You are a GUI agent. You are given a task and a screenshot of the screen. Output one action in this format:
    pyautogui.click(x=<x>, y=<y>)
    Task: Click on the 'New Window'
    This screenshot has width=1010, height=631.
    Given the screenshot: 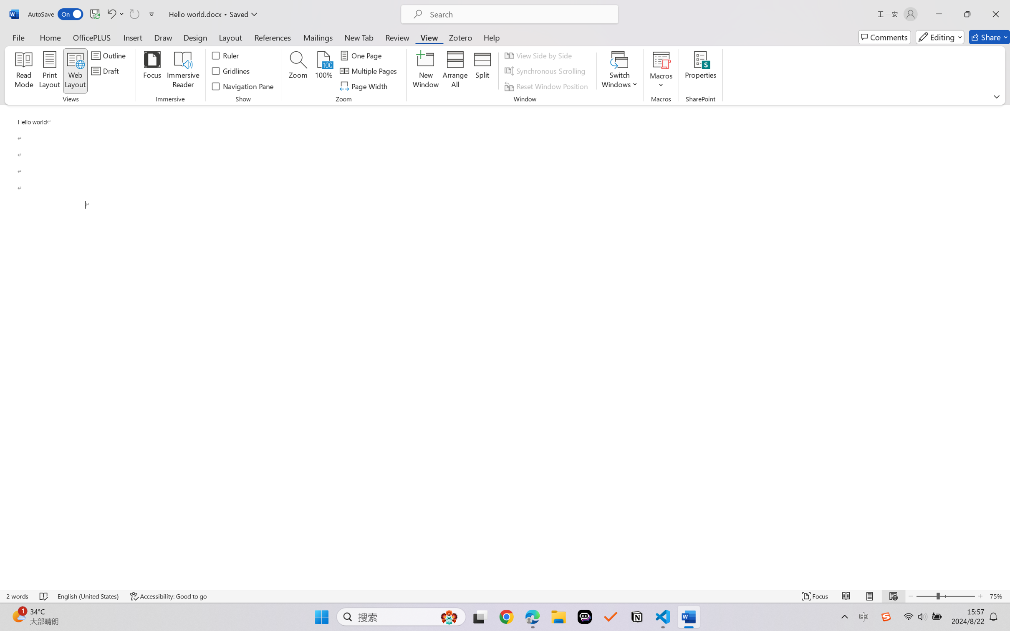 What is the action you would take?
    pyautogui.click(x=426, y=71)
    